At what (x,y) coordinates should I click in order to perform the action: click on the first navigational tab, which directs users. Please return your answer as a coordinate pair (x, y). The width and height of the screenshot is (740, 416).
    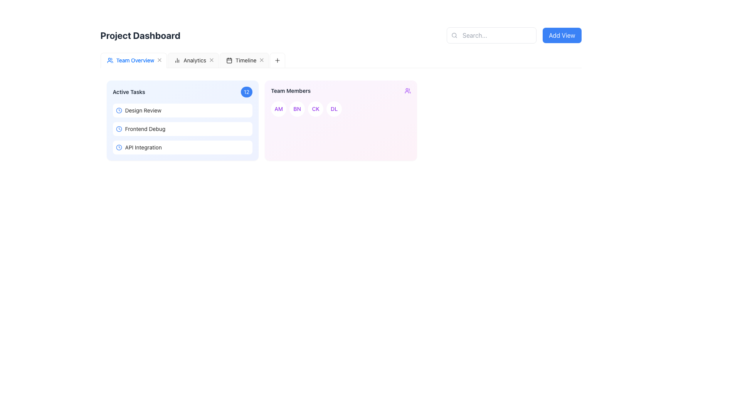
    Looking at the image, I should click on (117, 60).